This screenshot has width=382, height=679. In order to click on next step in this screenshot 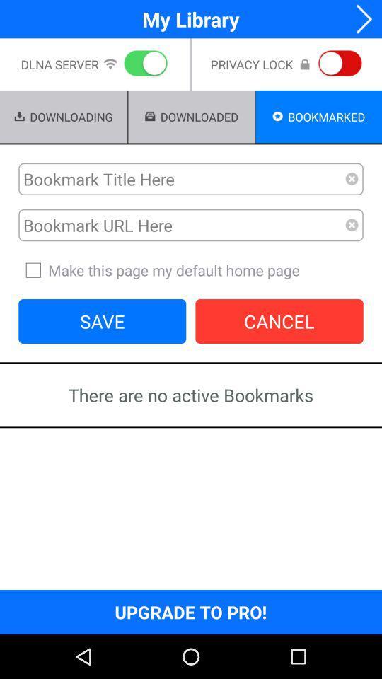, I will do `click(359, 18)`.